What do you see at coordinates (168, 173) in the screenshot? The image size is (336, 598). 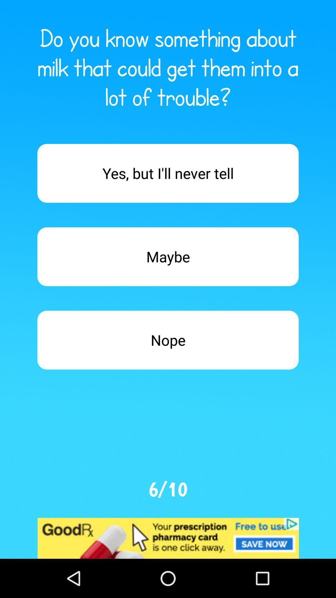 I see `yes but i 'll never tell answer option` at bounding box center [168, 173].